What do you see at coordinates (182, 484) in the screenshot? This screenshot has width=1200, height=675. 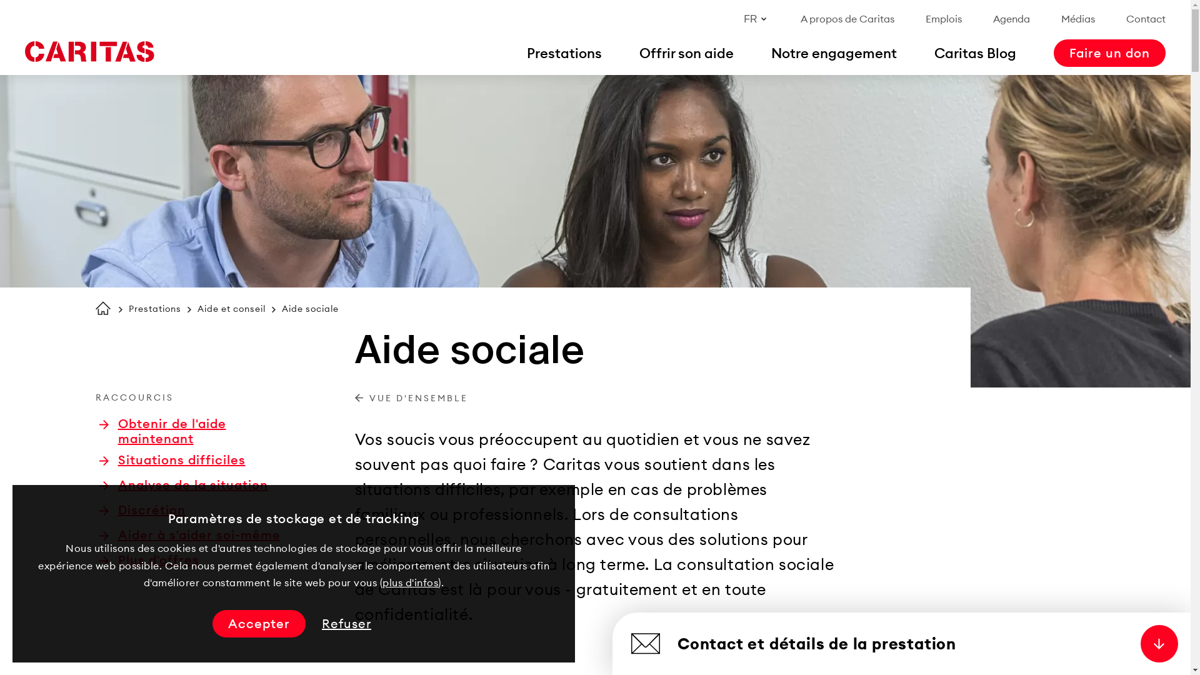 I see `'Analyse de la situation'` at bounding box center [182, 484].